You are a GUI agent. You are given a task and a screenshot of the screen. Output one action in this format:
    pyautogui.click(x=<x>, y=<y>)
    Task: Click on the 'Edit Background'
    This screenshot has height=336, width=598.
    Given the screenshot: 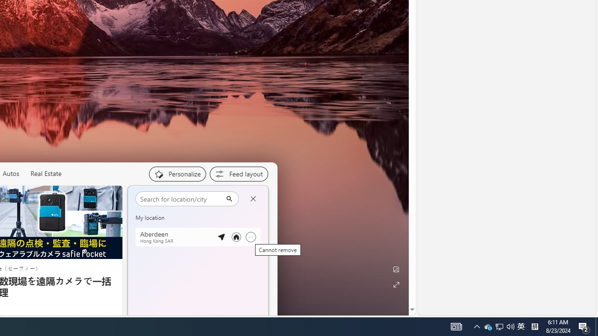 What is the action you would take?
    pyautogui.click(x=396, y=269)
    